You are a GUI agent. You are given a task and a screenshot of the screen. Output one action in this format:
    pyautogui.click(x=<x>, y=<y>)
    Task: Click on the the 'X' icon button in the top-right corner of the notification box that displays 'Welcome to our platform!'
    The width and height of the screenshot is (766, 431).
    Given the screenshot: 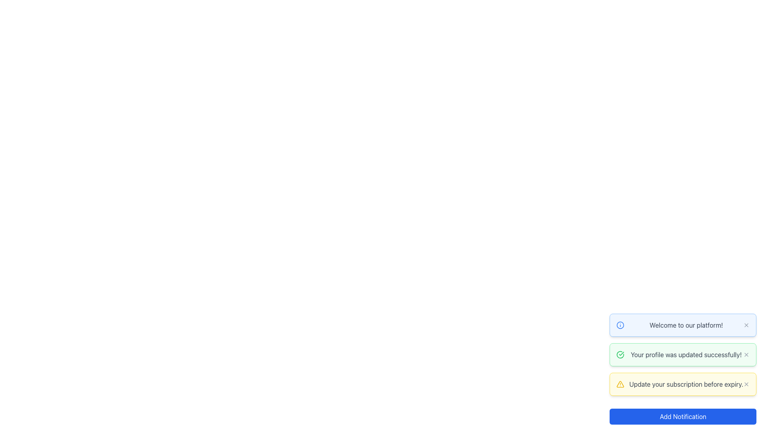 What is the action you would take?
    pyautogui.click(x=746, y=325)
    